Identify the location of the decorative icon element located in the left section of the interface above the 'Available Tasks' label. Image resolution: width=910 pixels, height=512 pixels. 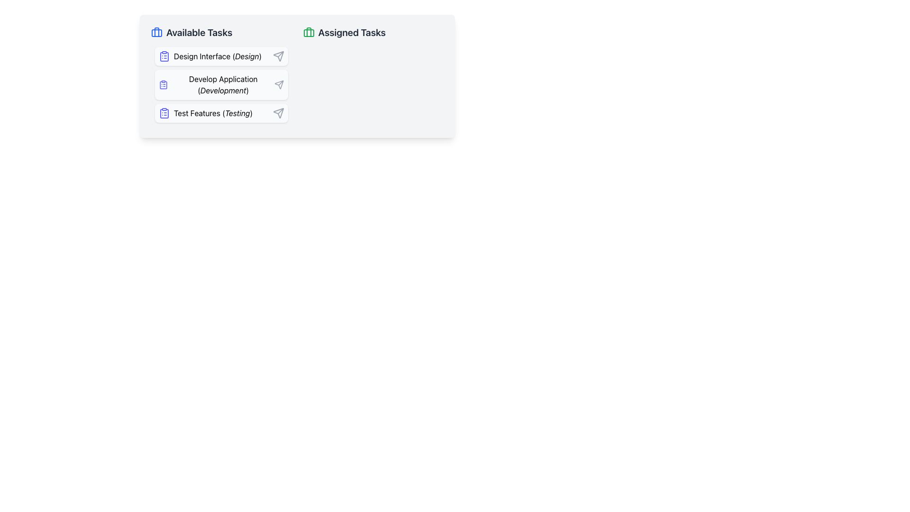
(309, 32).